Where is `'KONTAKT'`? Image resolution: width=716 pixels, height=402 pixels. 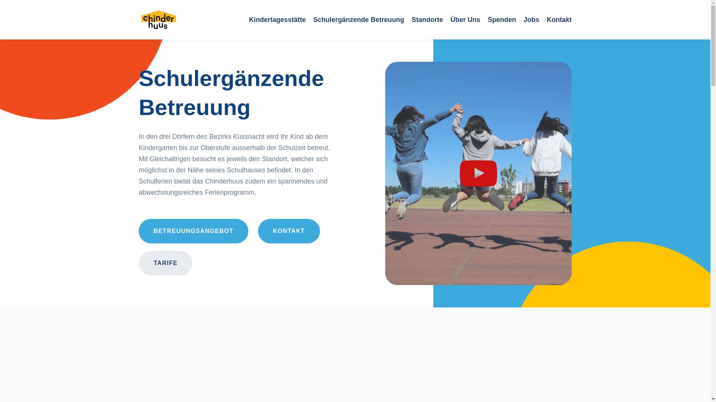 'KONTAKT' is located at coordinates (288, 231).